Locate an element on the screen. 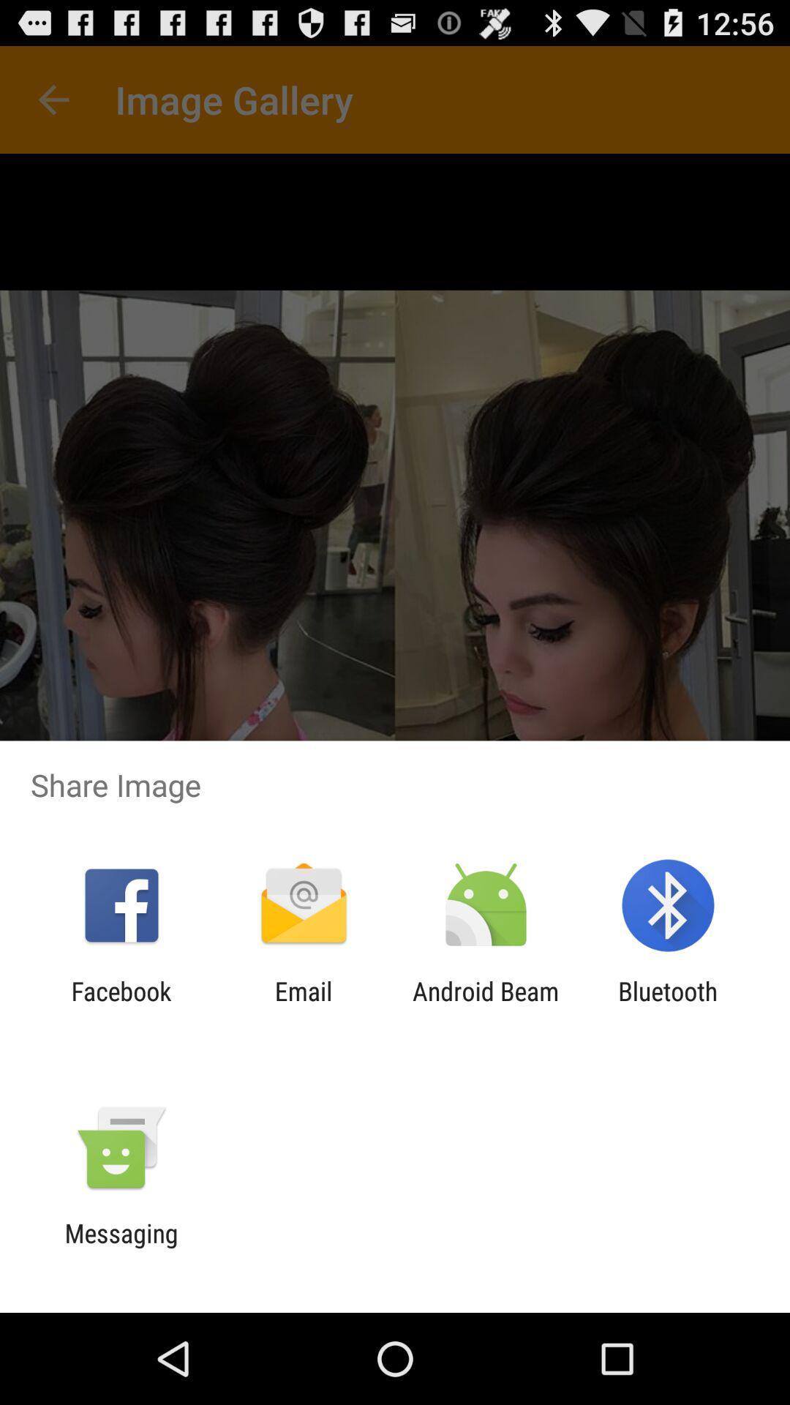 The height and width of the screenshot is (1405, 790). the icon to the right of the android beam is located at coordinates (668, 1005).